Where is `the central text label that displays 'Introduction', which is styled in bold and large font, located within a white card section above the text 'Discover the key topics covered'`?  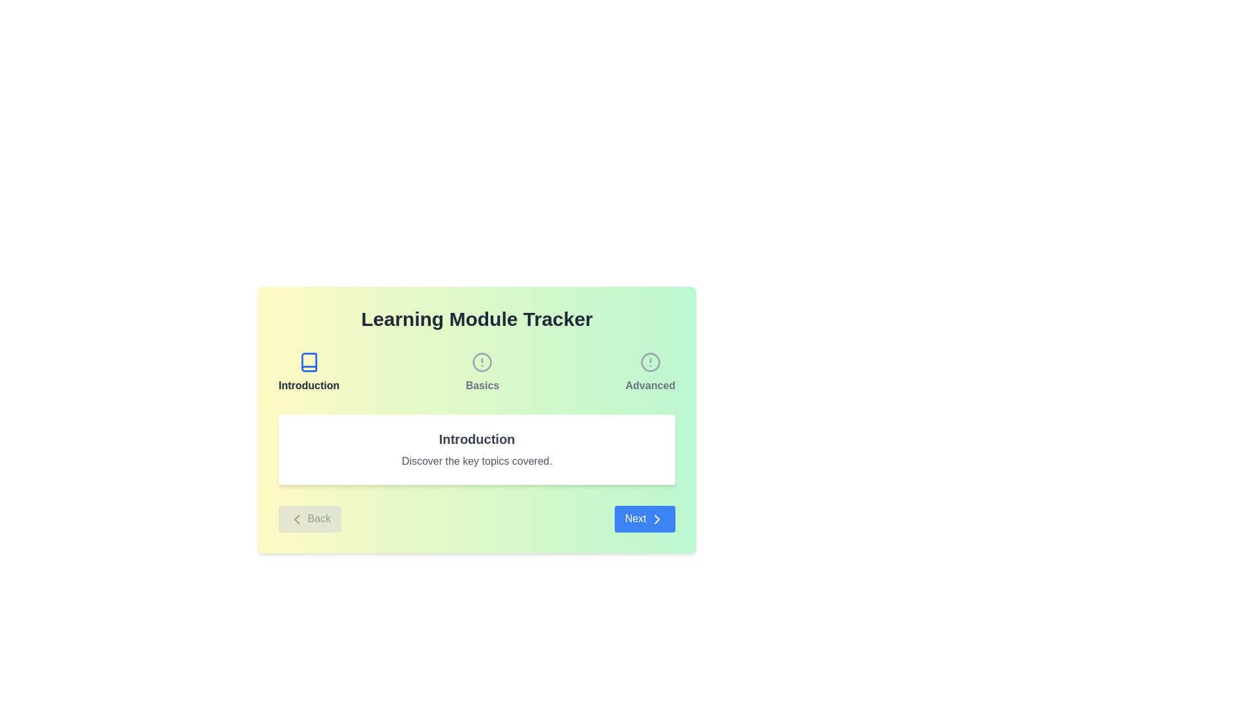 the central text label that displays 'Introduction', which is styled in bold and large font, located within a white card section above the text 'Discover the key topics covered' is located at coordinates (476, 439).